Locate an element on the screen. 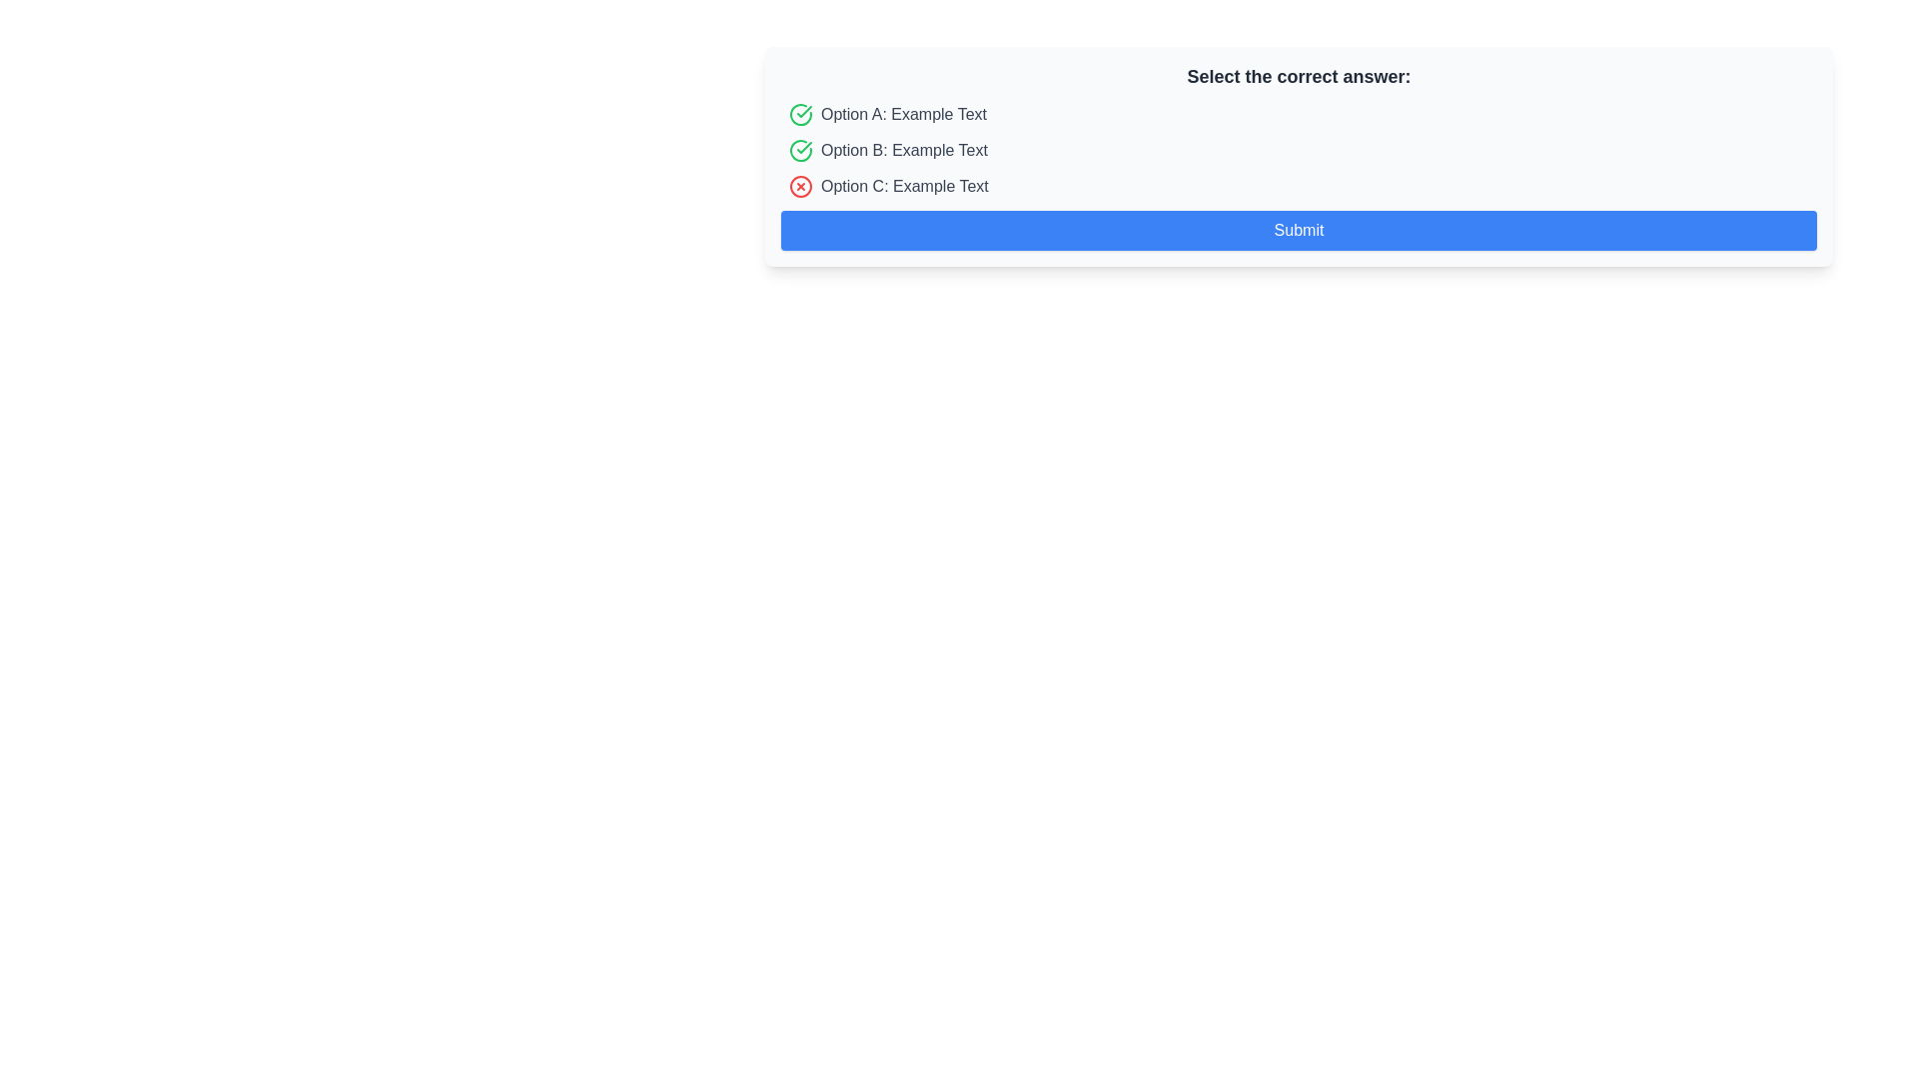 The height and width of the screenshot is (1079, 1918). the green checkmark icon indicating a positive status next to 'Option A: Example Text' is located at coordinates (804, 146).